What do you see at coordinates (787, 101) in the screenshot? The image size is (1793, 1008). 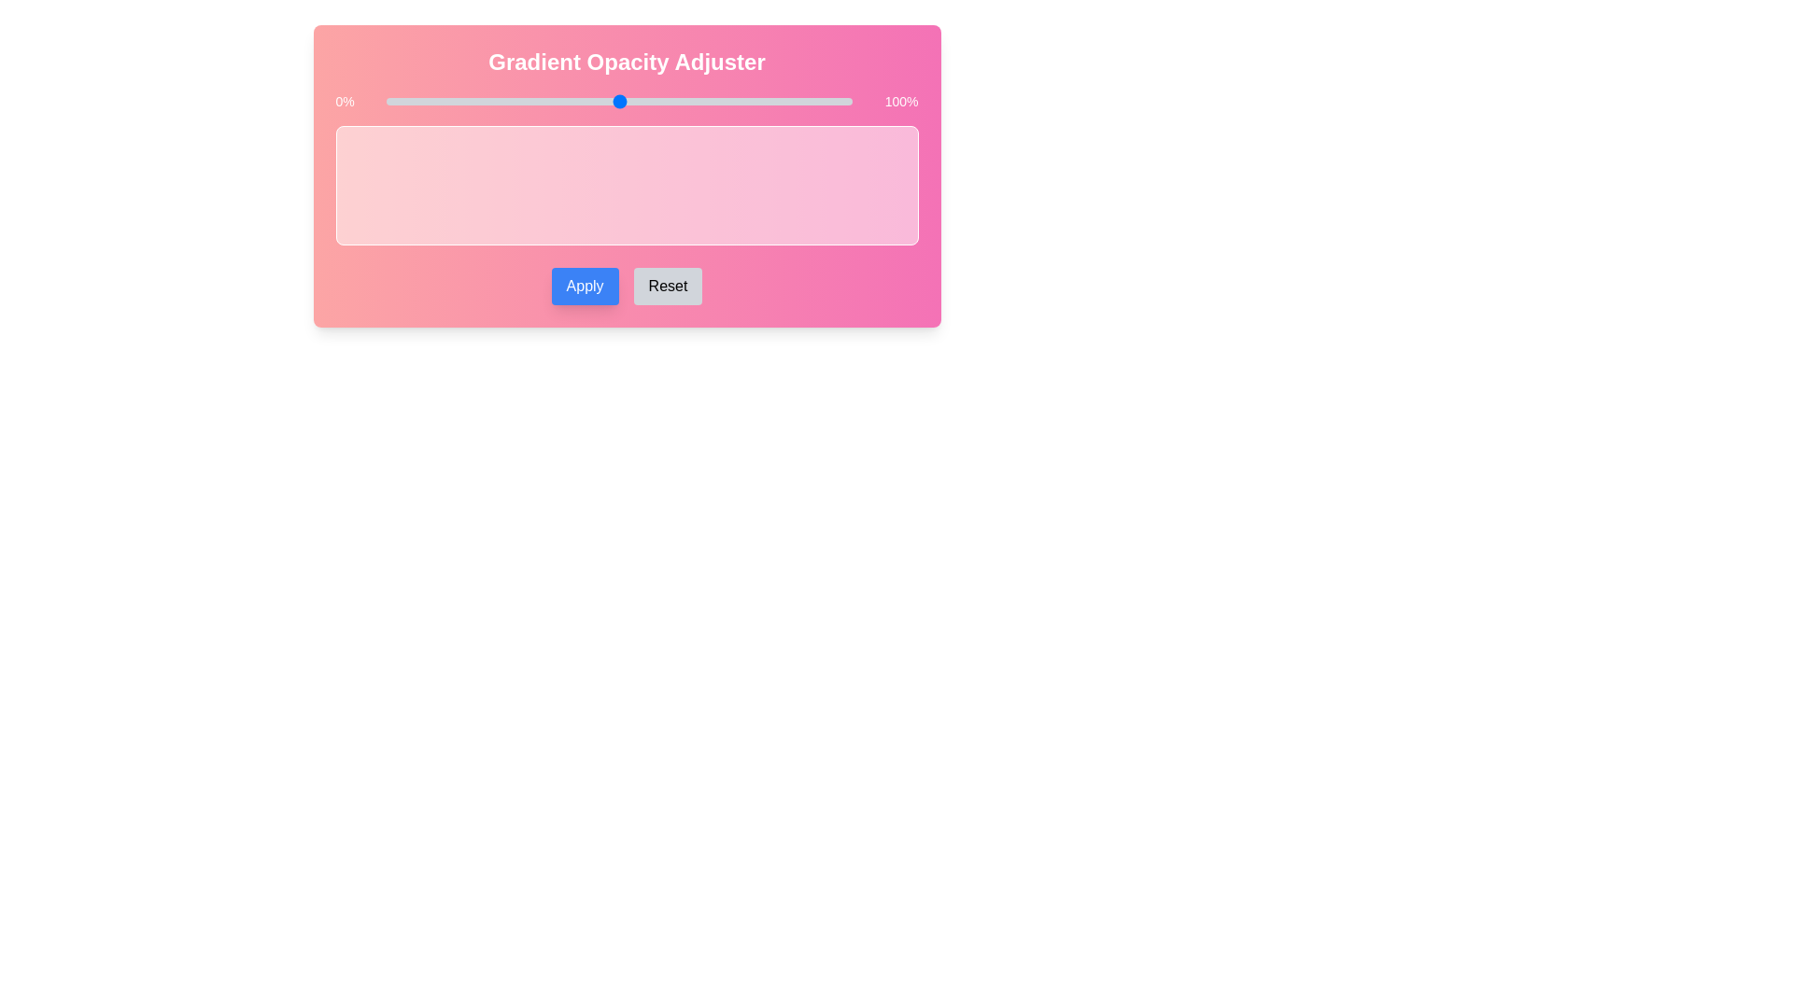 I see `the opacity to 86% using the slider` at bounding box center [787, 101].